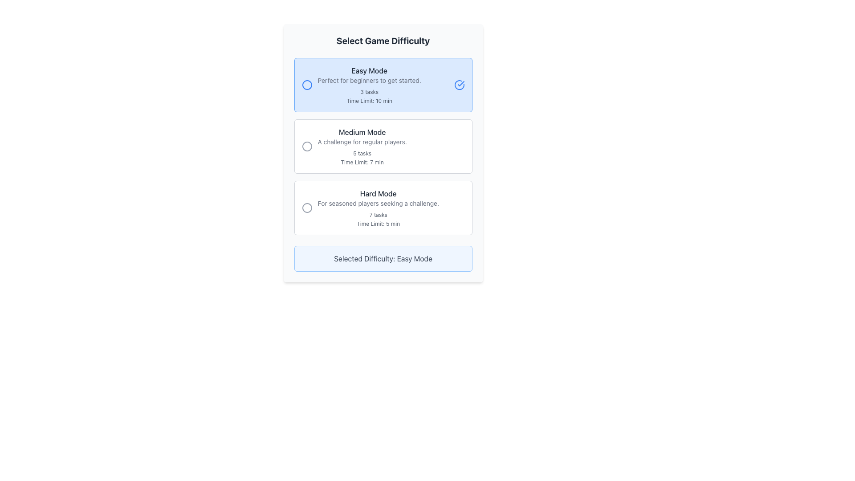 This screenshot has height=481, width=855. I want to click on the 'Easy Mode' selectable card, which features a bold title, a description for beginners, and is the first card in the list above 'Medium Mode' and 'Hard Mode', so click(383, 85).